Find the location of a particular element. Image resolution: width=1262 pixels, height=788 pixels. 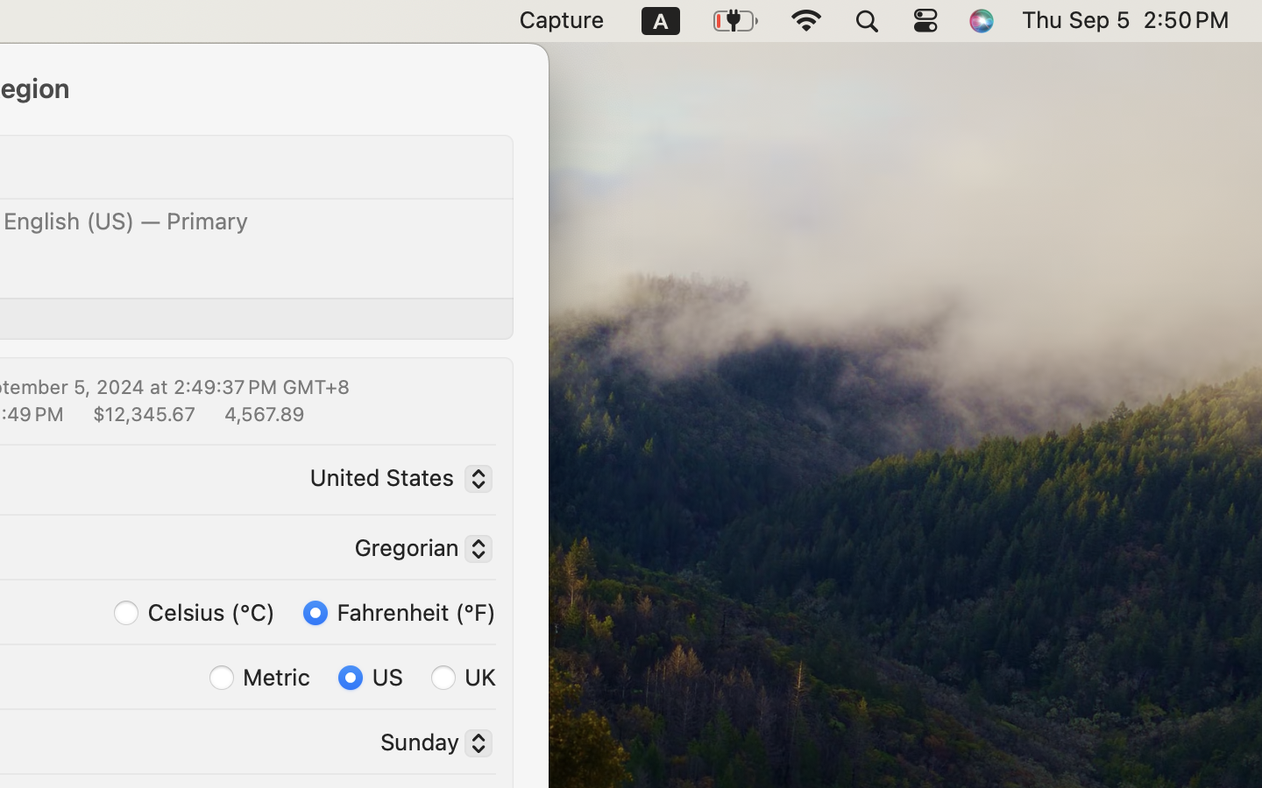

'United States' is located at coordinates (396, 480).